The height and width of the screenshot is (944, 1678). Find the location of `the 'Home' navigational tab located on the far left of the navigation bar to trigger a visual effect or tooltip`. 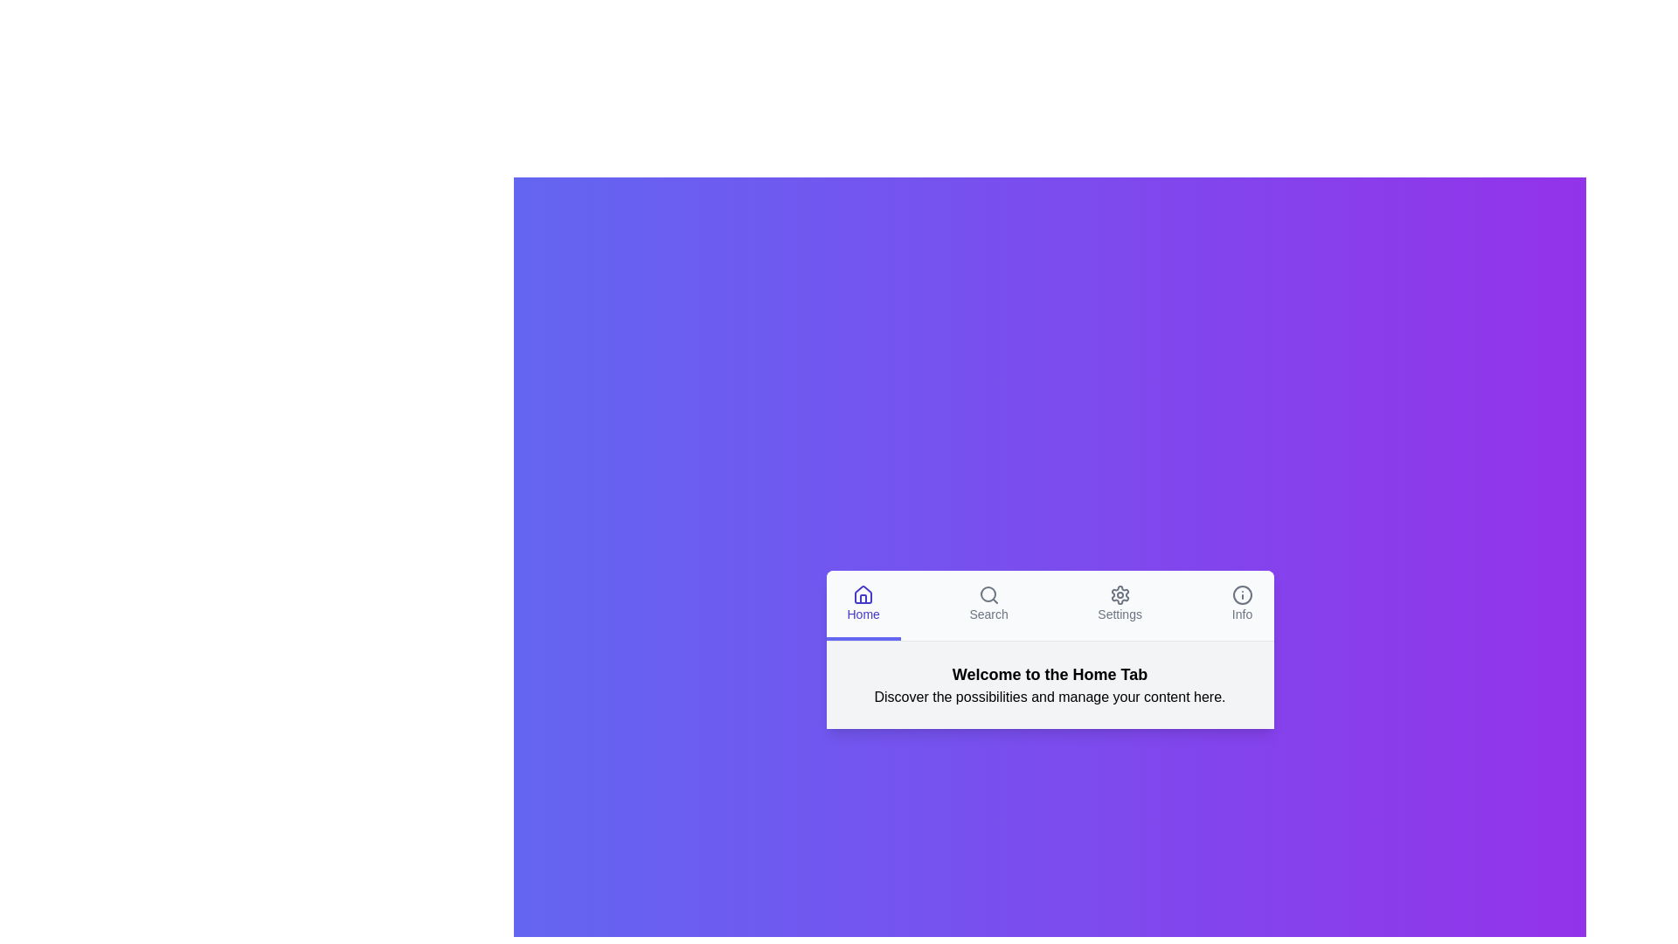

the 'Home' navigational tab located on the far left of the navigation bar to trigger a visual effect or tooltip is located at coordinates (863, 604).